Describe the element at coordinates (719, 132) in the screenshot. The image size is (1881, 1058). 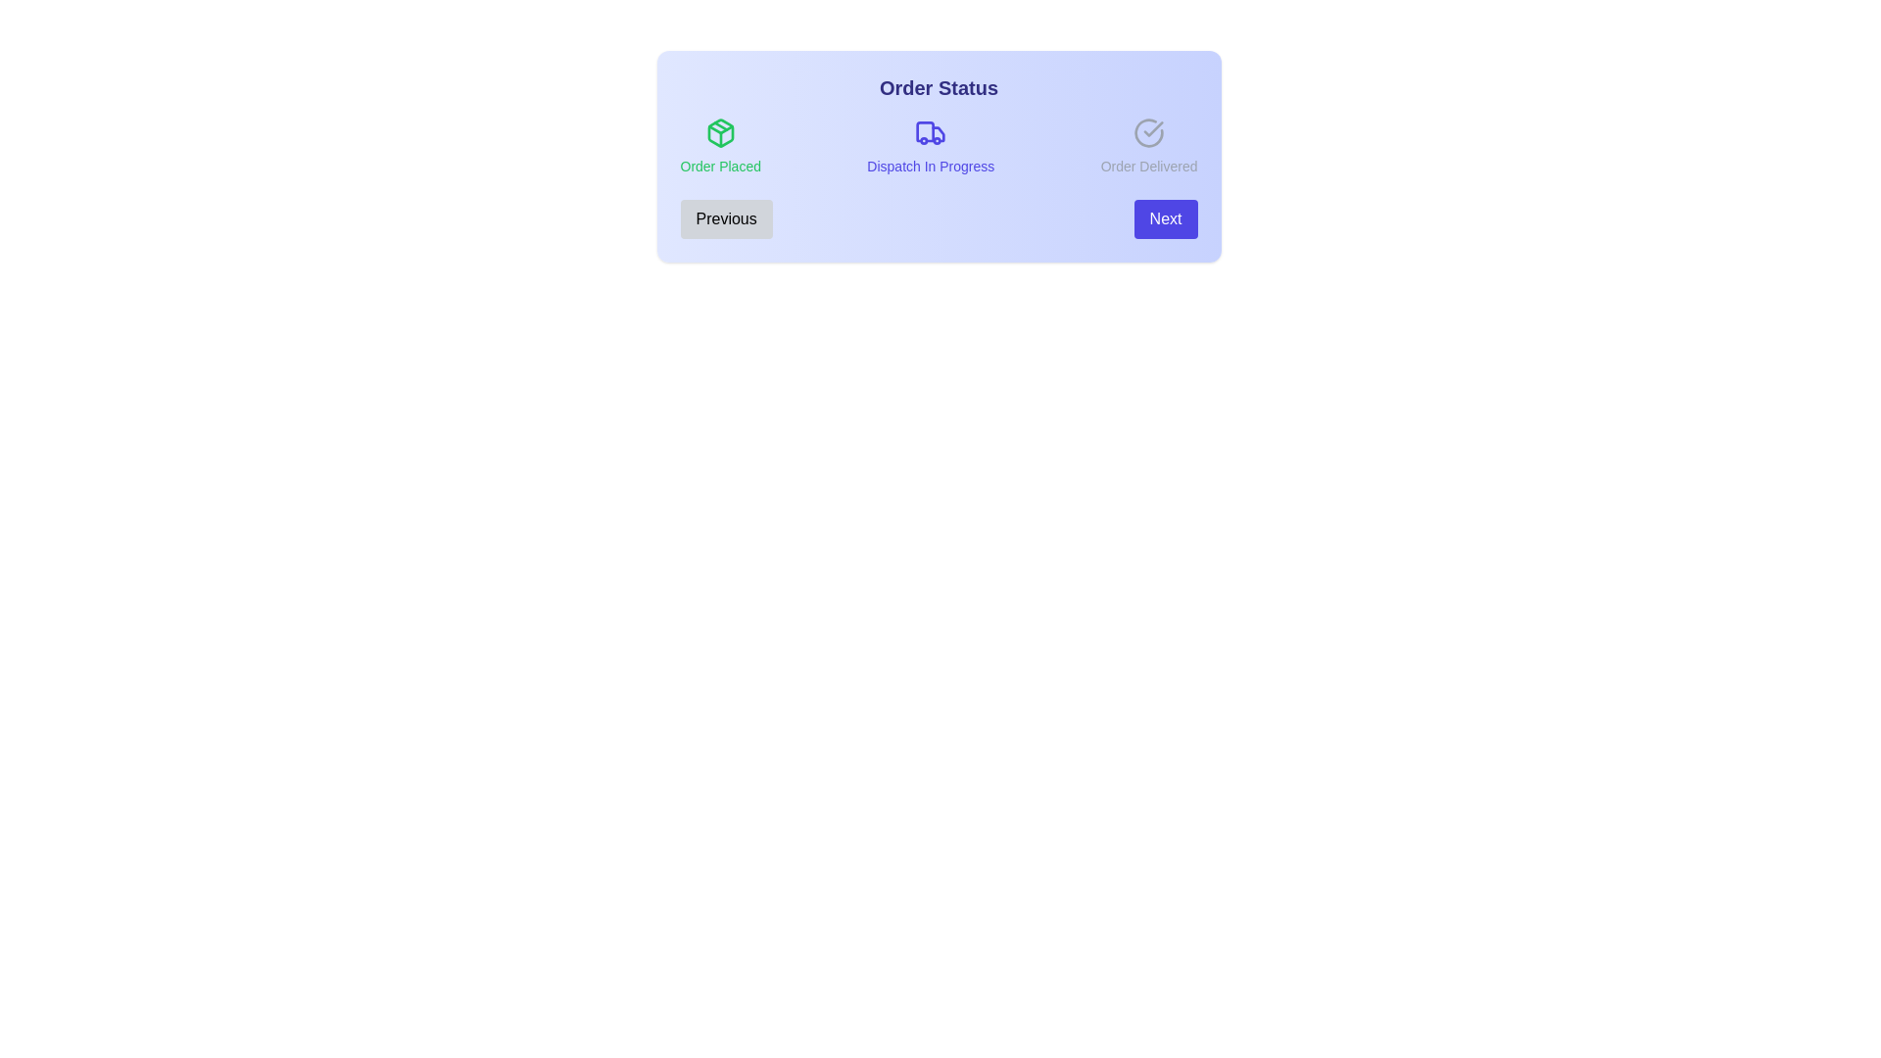
I see `the 'Order Placed' status indicator SVG, which is the first icon in the order processing timeline located under the text 'Order Placed'` at that location.